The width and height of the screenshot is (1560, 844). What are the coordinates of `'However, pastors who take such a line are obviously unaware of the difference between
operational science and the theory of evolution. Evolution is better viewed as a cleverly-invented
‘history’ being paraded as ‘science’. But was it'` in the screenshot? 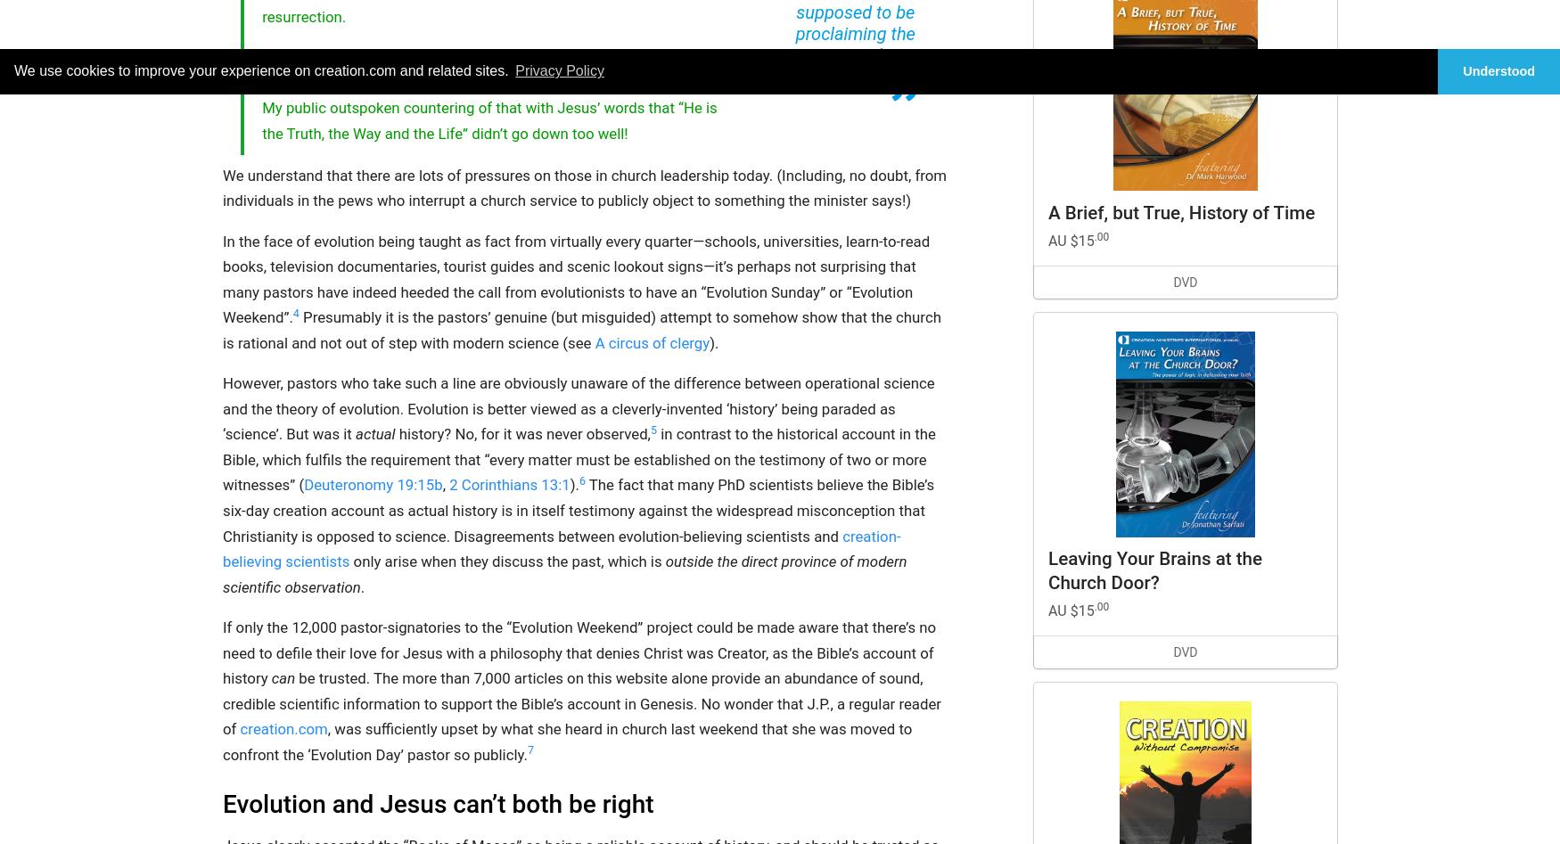 It's located at (578, 408).